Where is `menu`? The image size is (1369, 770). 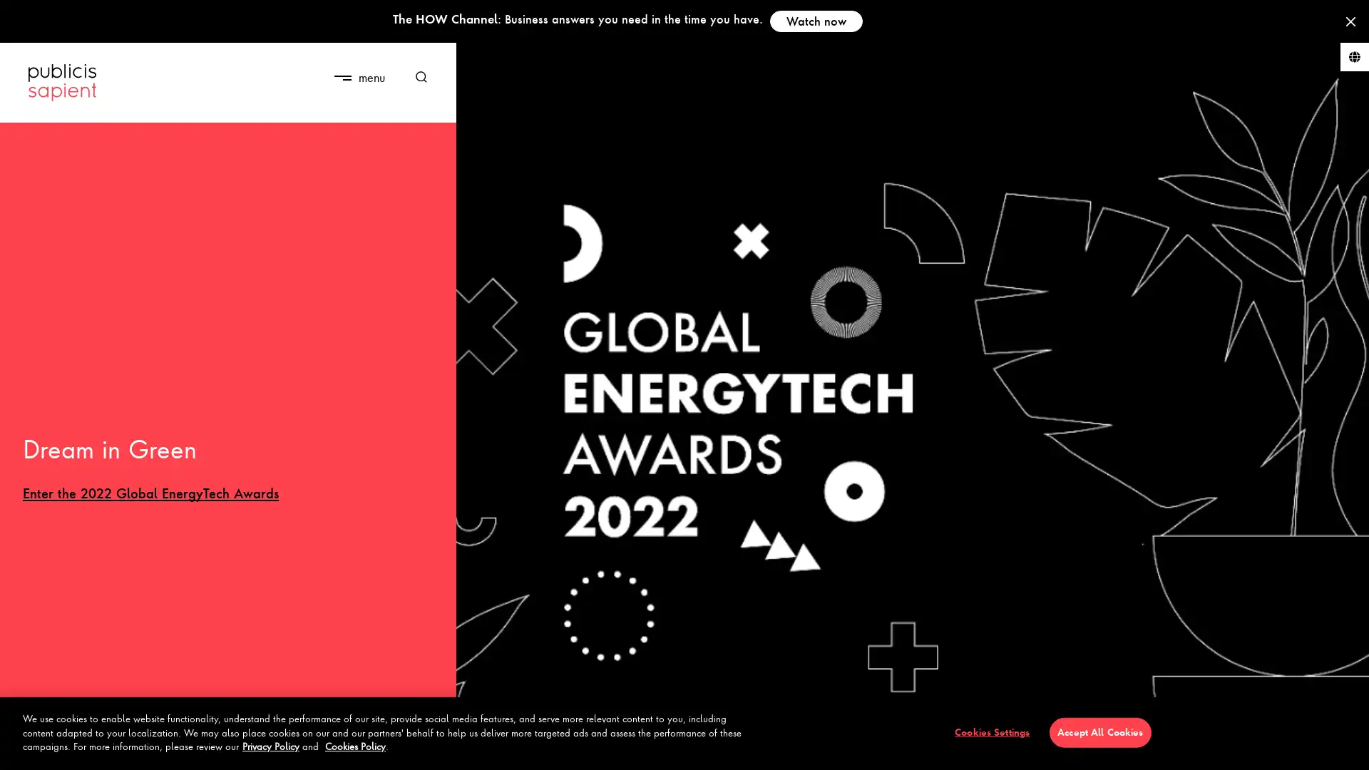
menu is located at coordinates (359, 77).